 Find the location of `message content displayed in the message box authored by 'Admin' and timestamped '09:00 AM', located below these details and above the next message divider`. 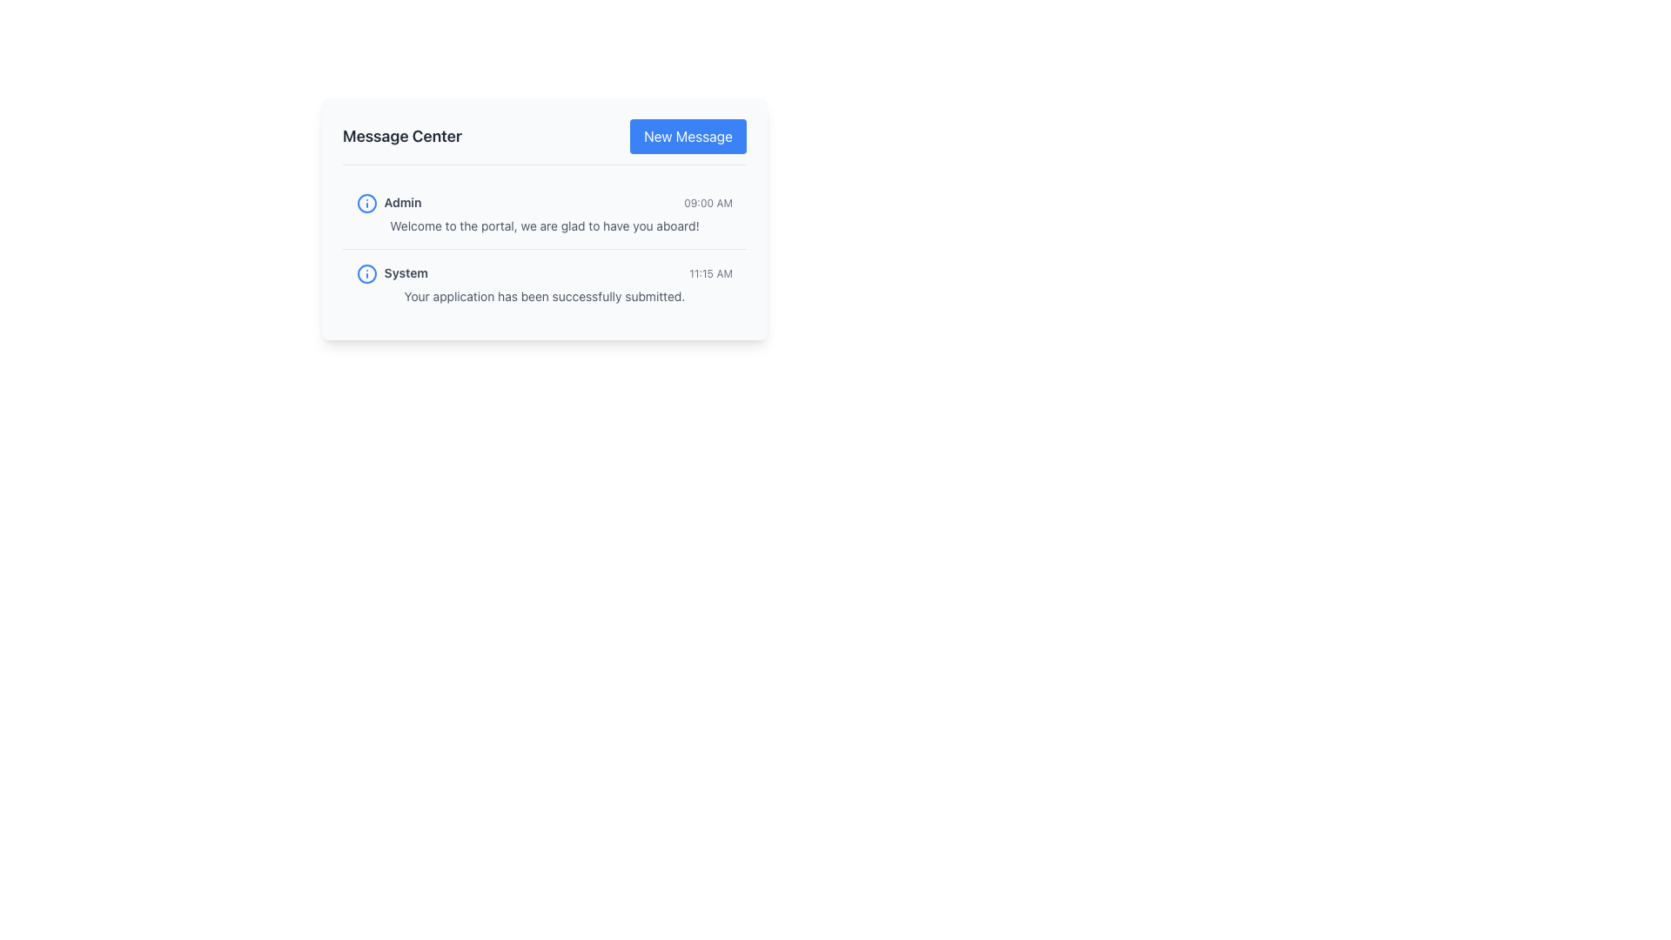

message content displayed in the message box authored by 'Admin' and timestamped '09:00 AM', located below these details and above the next message divider is located at coordinates (543, 225).